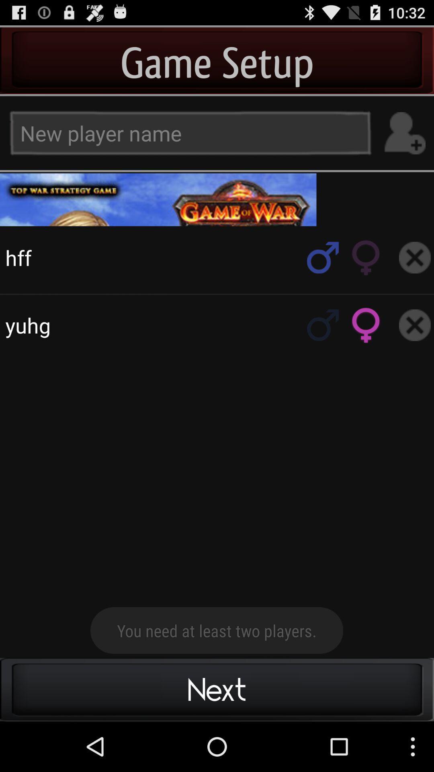 The width and height of the screenshot is (434, 772). I want to click on male gender, so click(322, 325).